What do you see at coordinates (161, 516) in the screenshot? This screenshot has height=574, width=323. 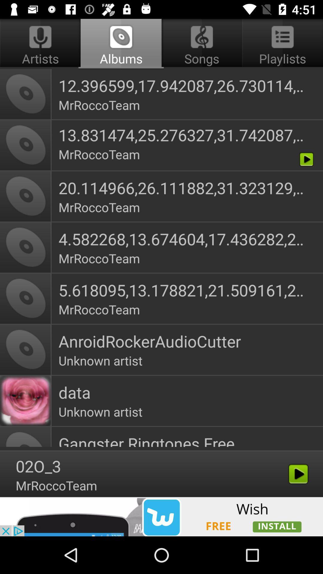 I see `click on the advertisement` at bounding box center [161, 516].